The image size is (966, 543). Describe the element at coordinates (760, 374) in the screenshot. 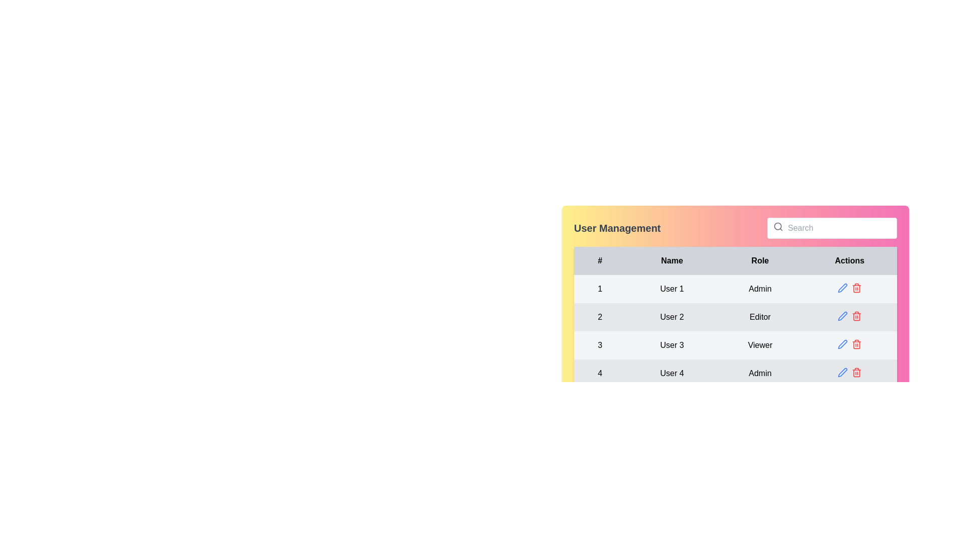

I see `the 'Admin' text label in the fourth row of the table under the 'Role' column, which identifies the user's role` at that location.